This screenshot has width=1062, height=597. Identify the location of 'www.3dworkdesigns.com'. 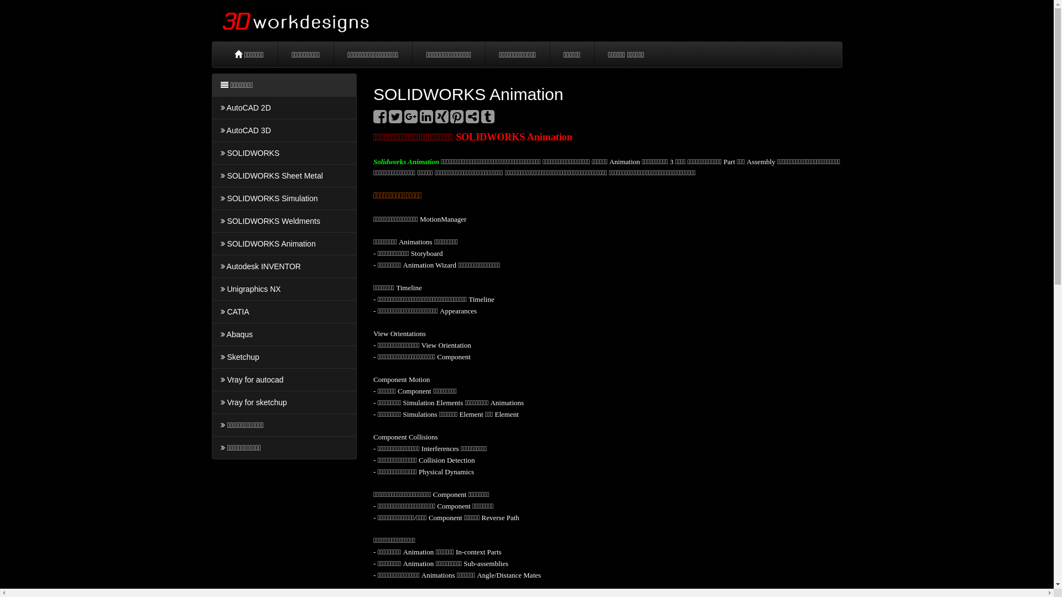
(297, 20).